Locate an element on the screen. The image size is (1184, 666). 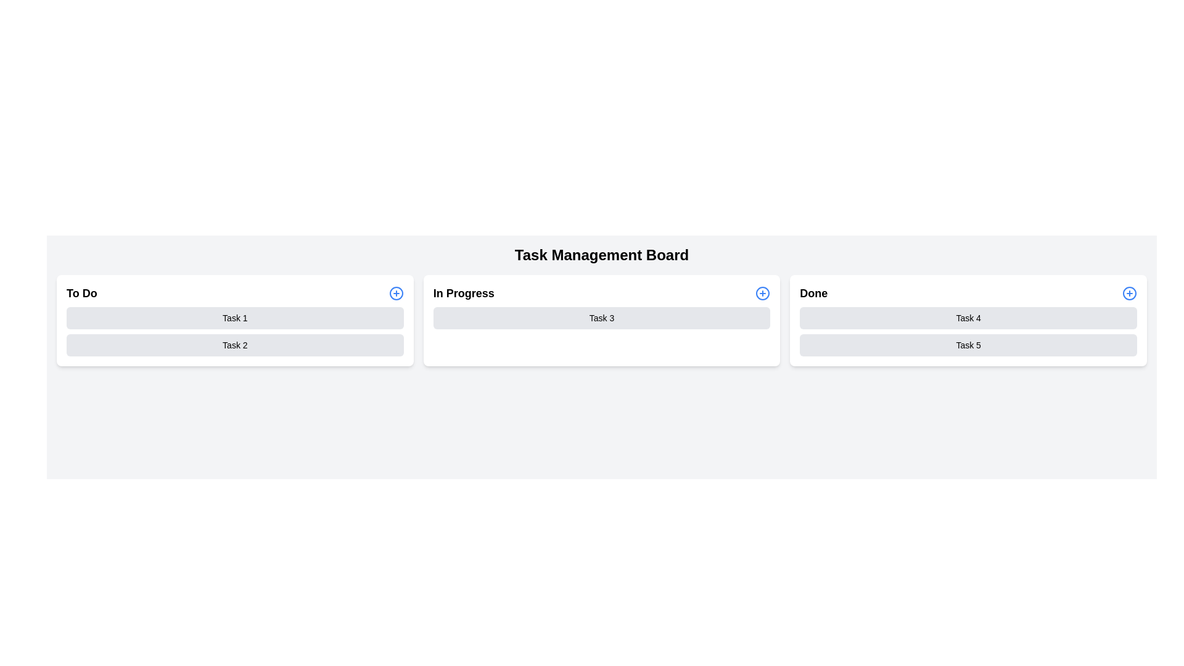
the second task item in the 'Done' column of the task management interface is located at coordinates (968, 345).